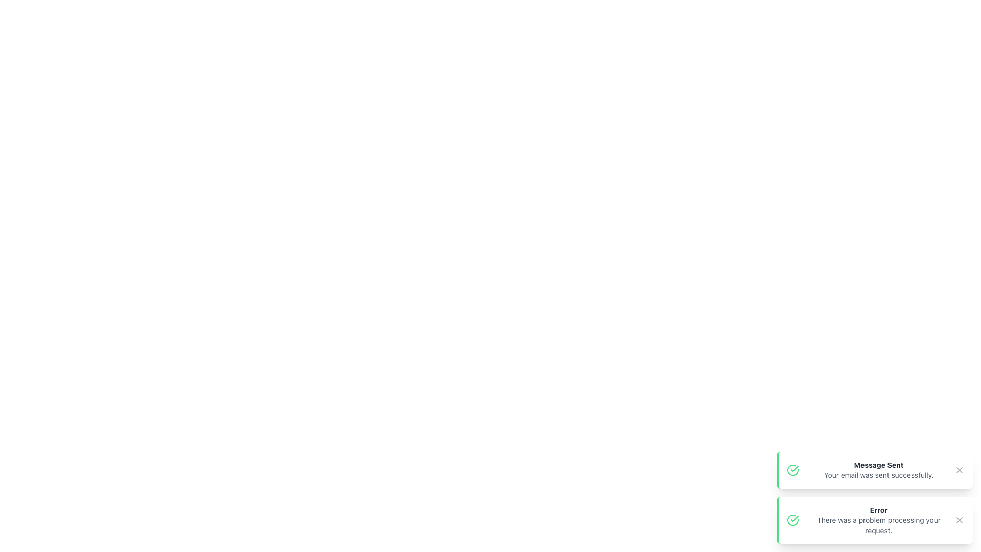 Image resolution: width=981 pixels, height=552 pixels. I want to click on the confirmation message Text Label that indicates the email has been successfully sent, located below the 'Message Sent' text in the notification card, so click(878, 475).